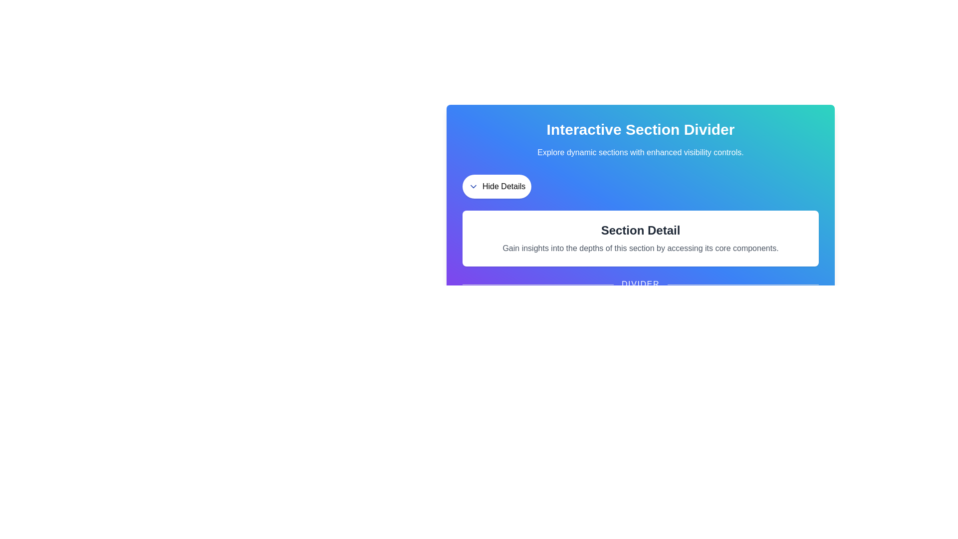 The width and height of the screenshot is (958, 539). I want to click on informational text block titled 'Section Detail' which provides insights into the section's core components, so click(640, 239).